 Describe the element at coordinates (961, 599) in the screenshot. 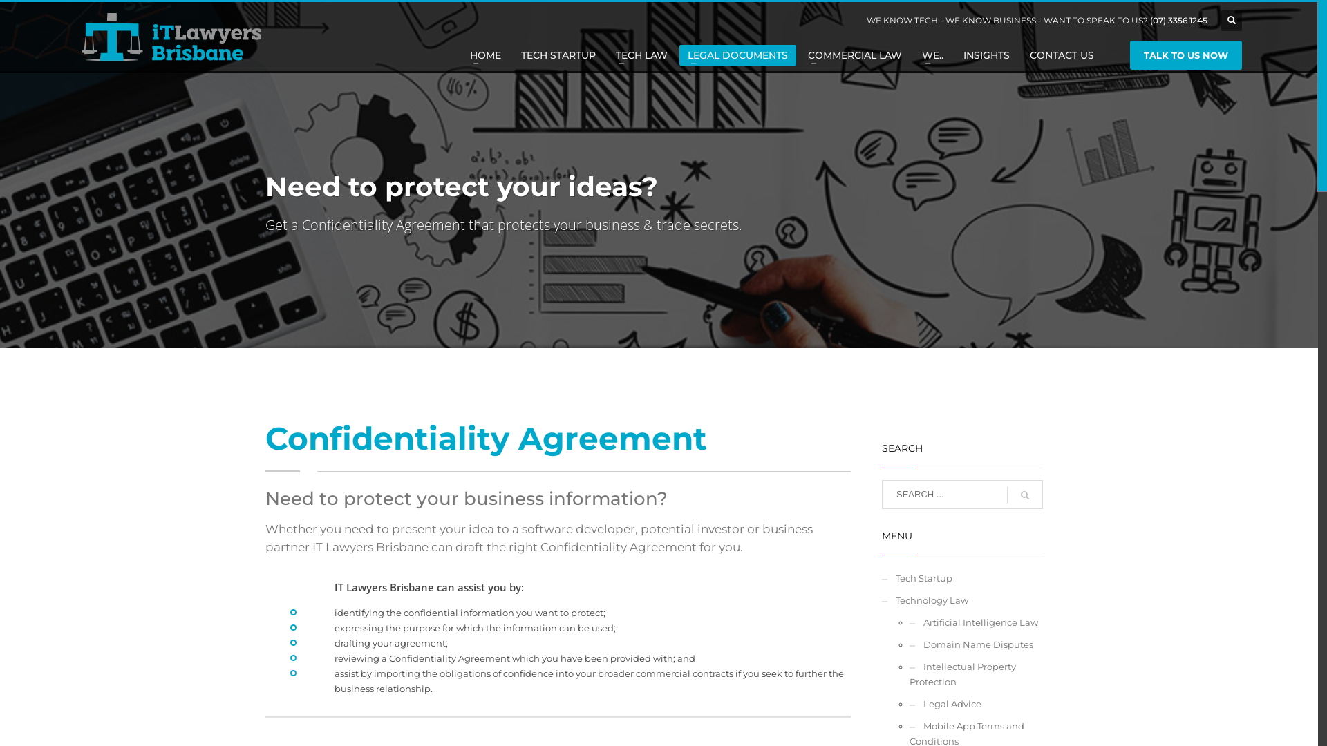

I see `'Technology Law'` at that location.